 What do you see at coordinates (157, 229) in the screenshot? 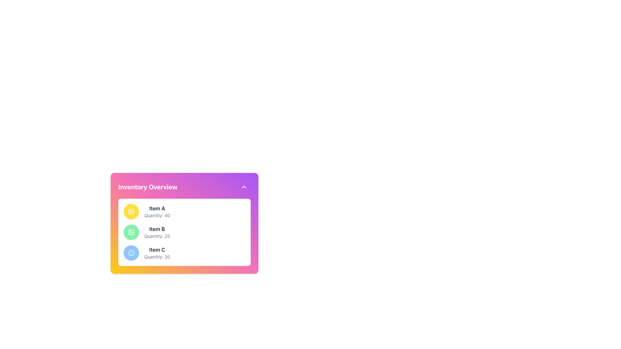
I see `the non-interactive Text Label that serves as a title for the second item in the inventory list, located within the 'Inventory Overview' card` at bounding box center [157, 229].